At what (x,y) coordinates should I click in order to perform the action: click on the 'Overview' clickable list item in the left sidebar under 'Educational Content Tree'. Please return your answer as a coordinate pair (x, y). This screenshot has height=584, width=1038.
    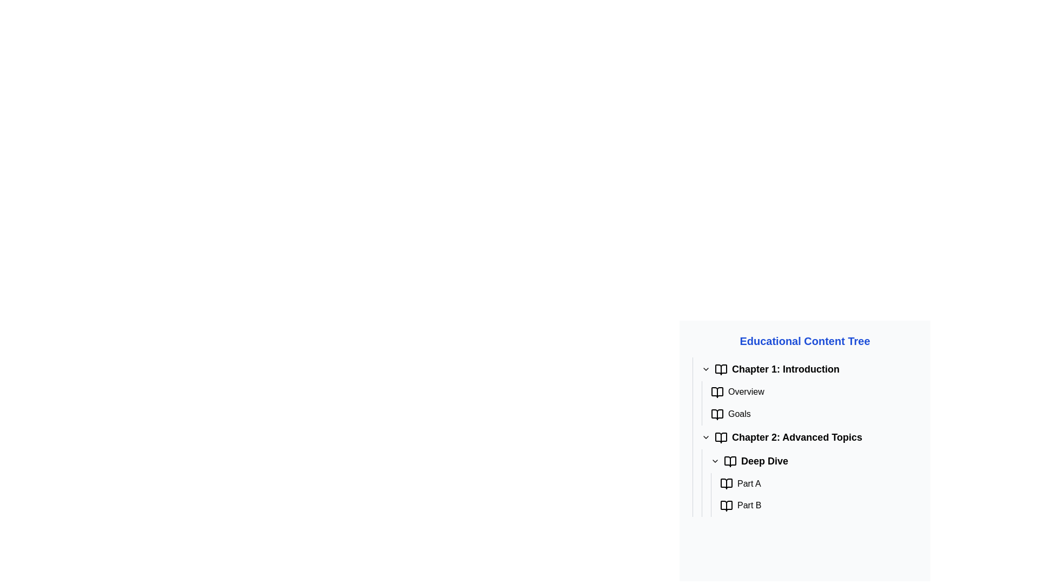
    Looking at the image, I should click on (809, 392).